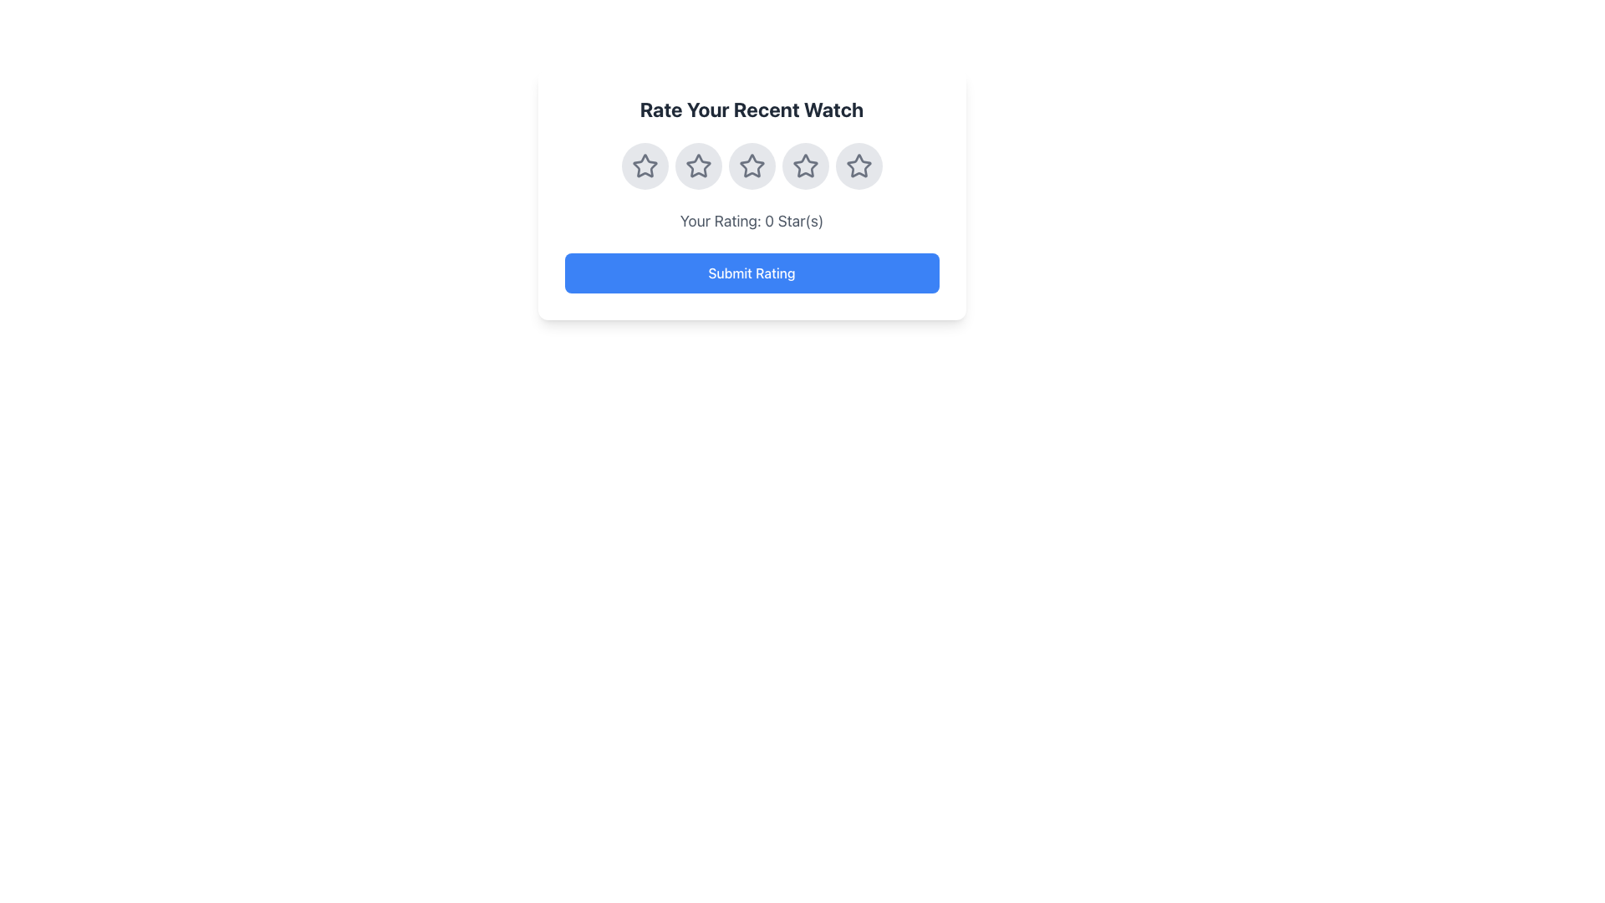 Image resolution: width=1605 pixels, height=903 pixels. Describe the element at coordinates (805, 165) in the screenshot. I see `the fourth star icon in the horizontal array` at that location.